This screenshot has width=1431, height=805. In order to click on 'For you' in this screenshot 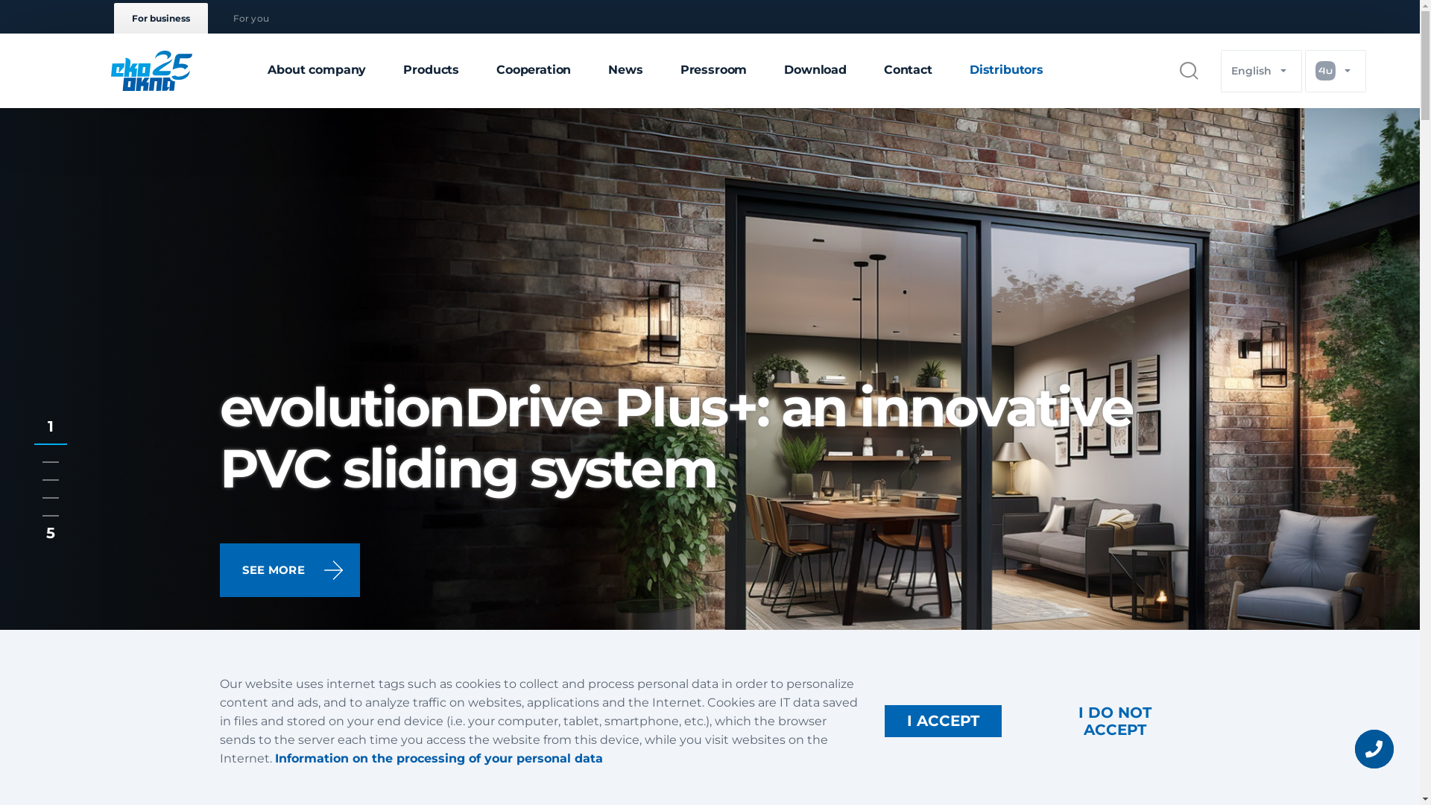, I will do `click(250, 18)`.